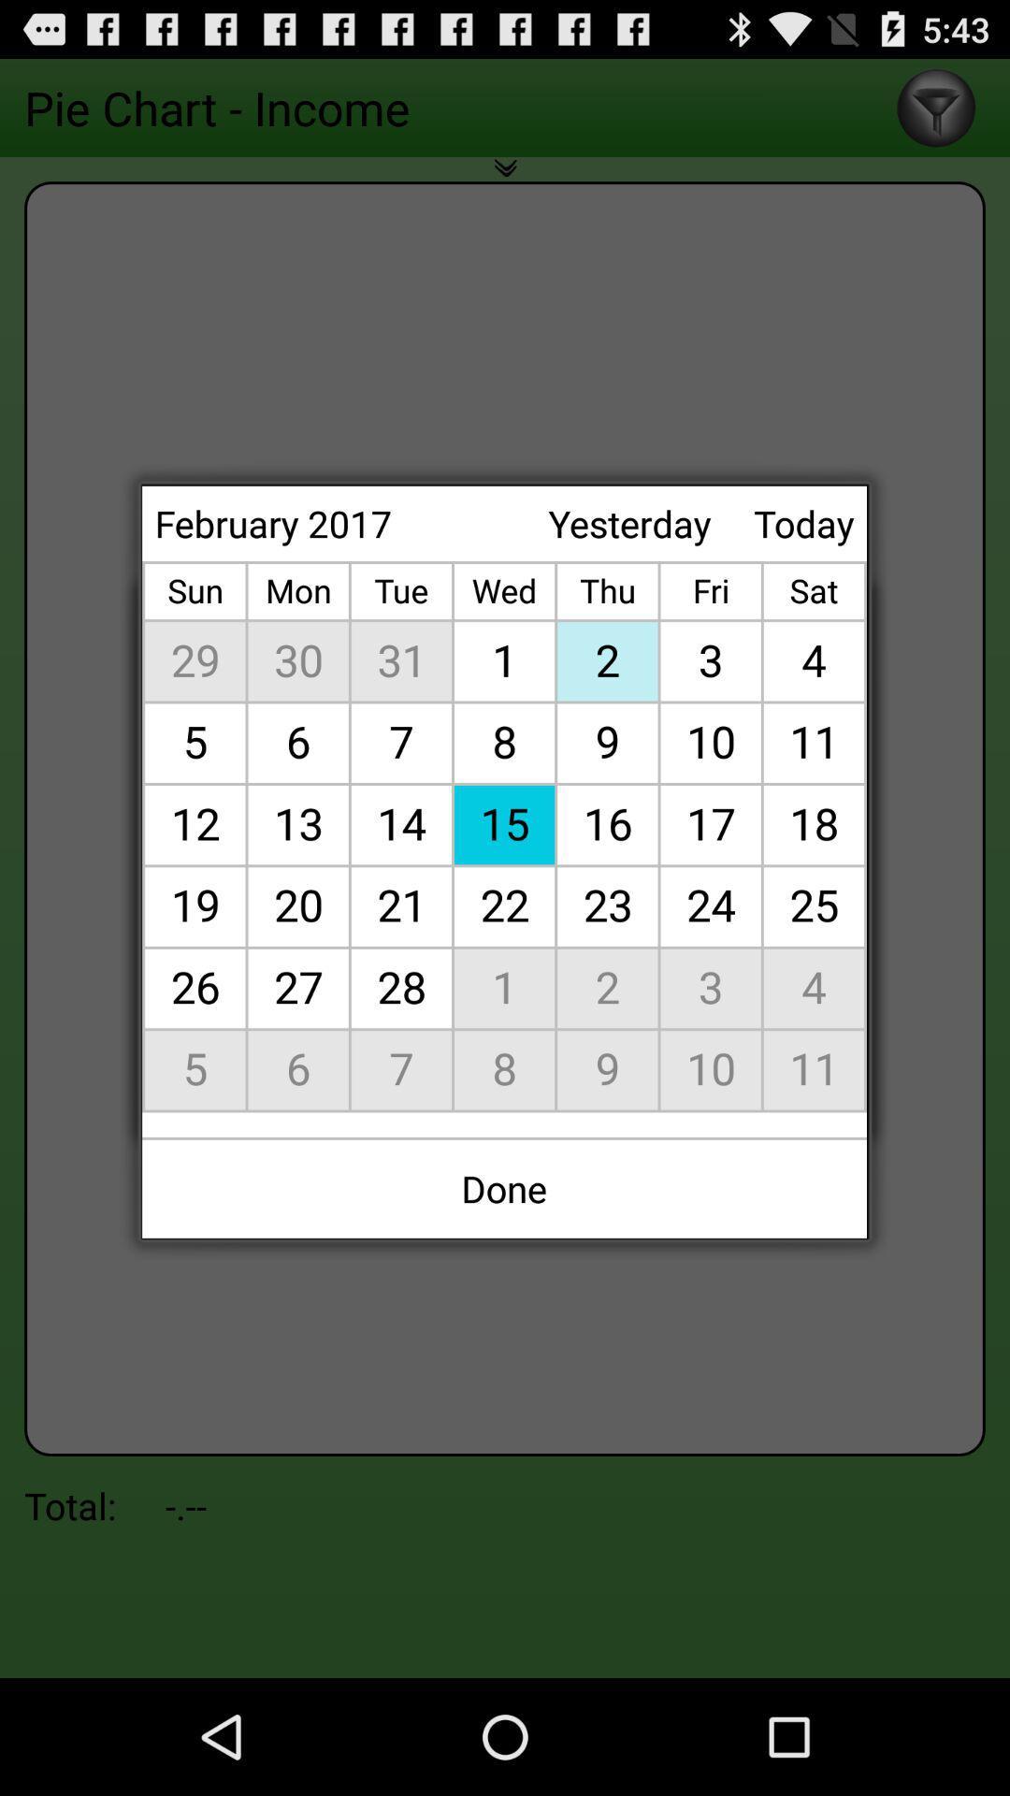 The height and width of the screenshot is (1796, 1010). Describe the element at coordinates (802, 523) in the screenshot. I see `the icon to the right of yesterday app` at that location.